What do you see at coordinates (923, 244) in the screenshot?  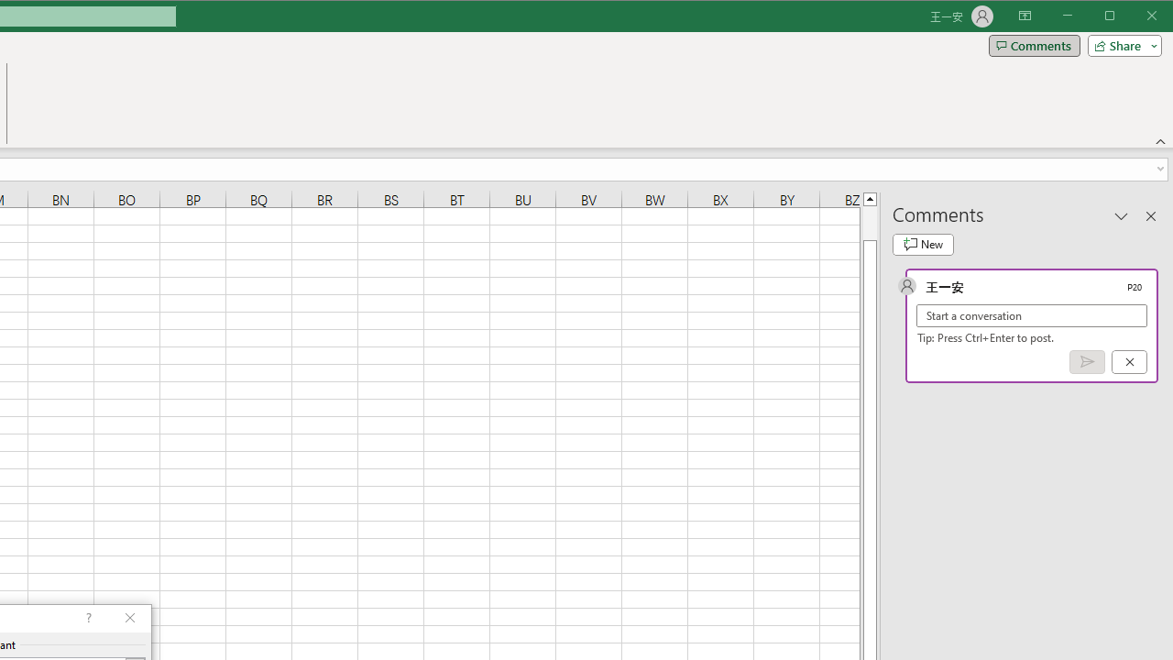 I see `'New comment'` at bounding box center [923, 244].